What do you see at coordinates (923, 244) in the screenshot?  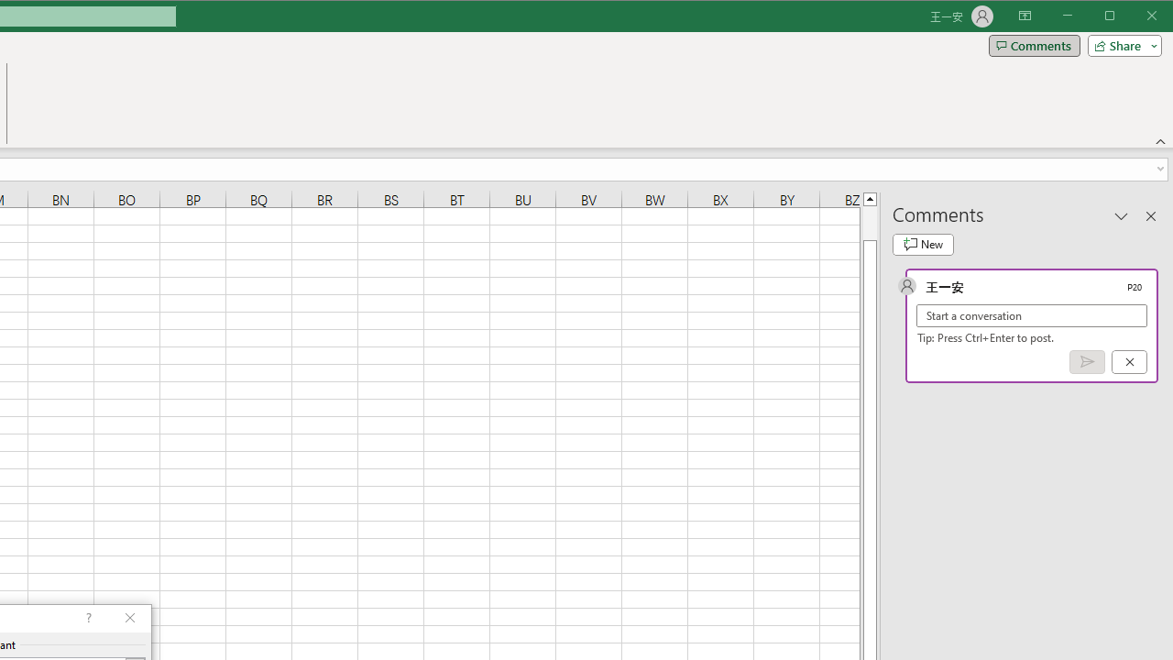 I see `'New comment'` at bounding box center [923, 244].